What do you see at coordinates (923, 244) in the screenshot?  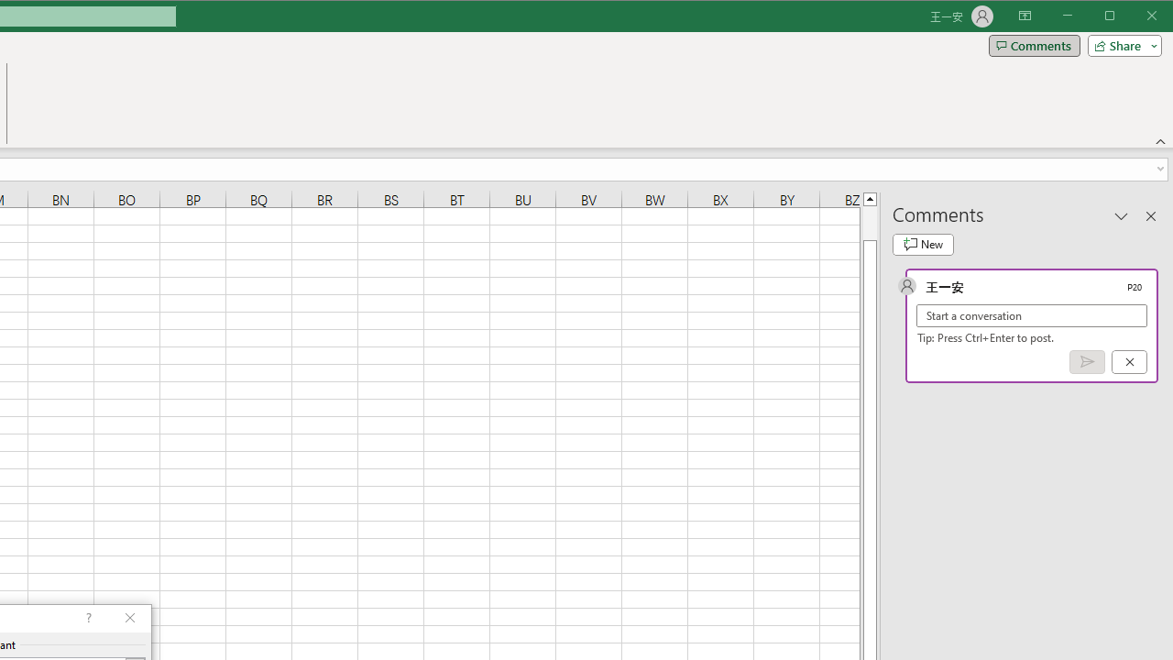 I see `'New comment'` at bounding box center [923, 244].